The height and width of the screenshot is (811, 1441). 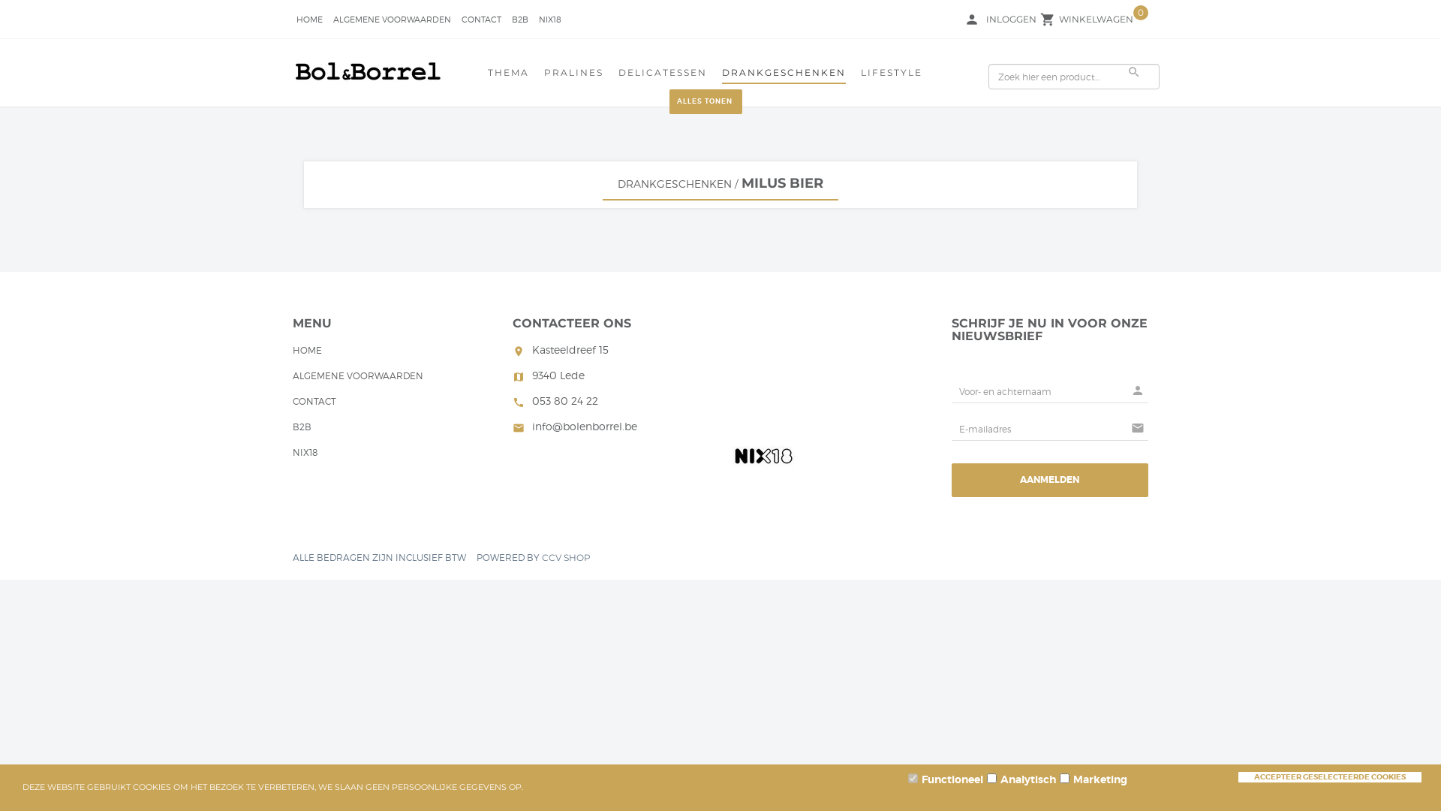 What do you see at coordinates (1049, 480) in the screenshot?
I see `'AANMELDEN'` at bounding box center [1049, 480].